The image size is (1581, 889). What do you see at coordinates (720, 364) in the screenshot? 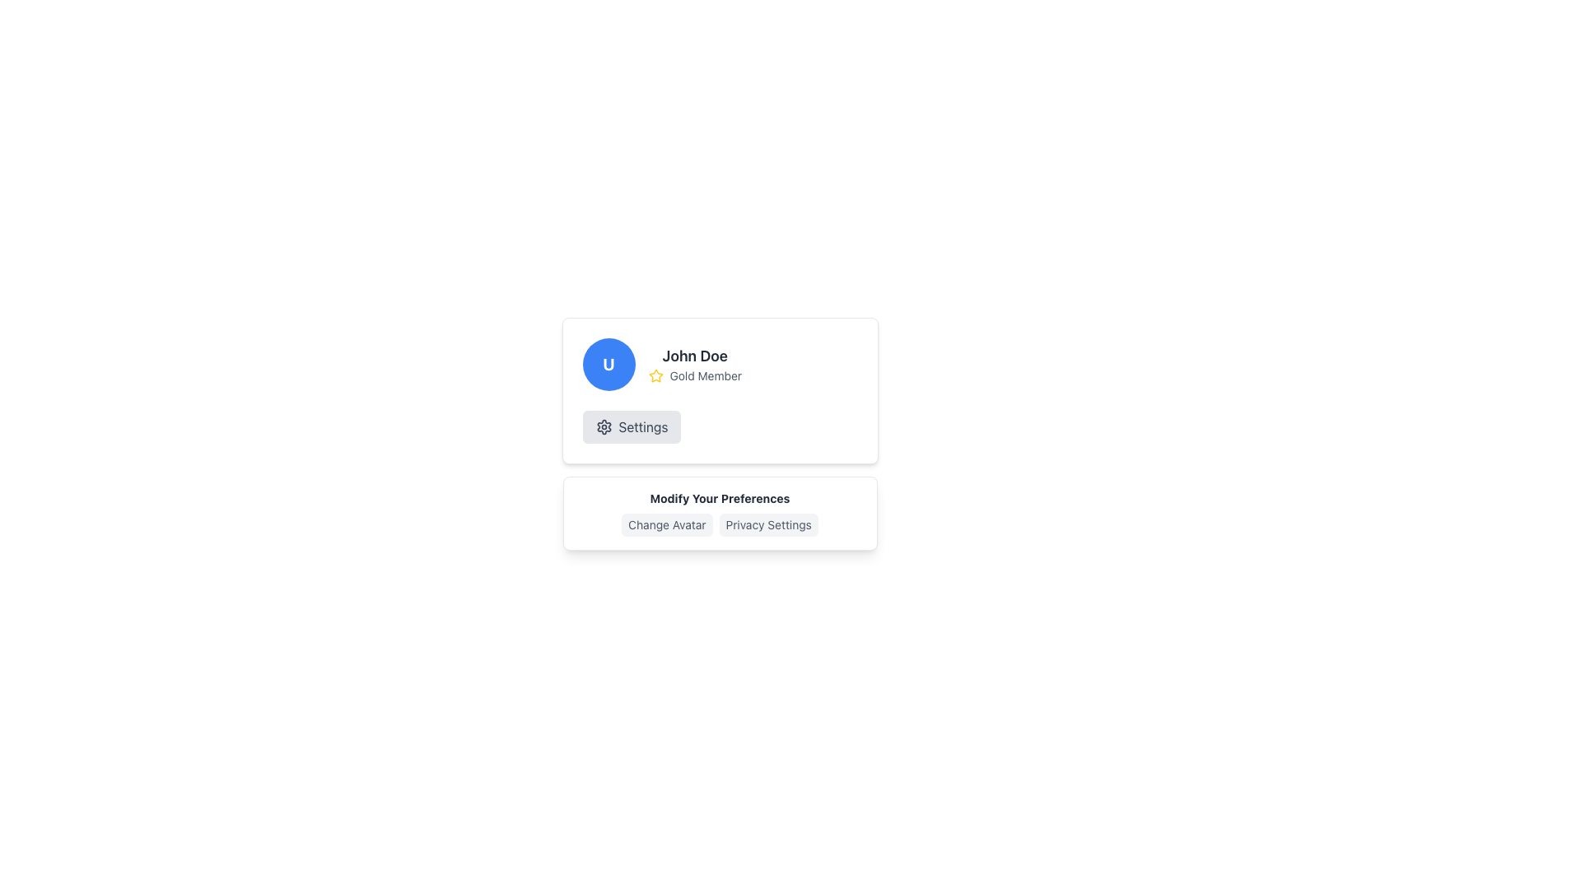
I see `the yellow star icon in the user profile summary for additional options` at bounding box center [720, 364].